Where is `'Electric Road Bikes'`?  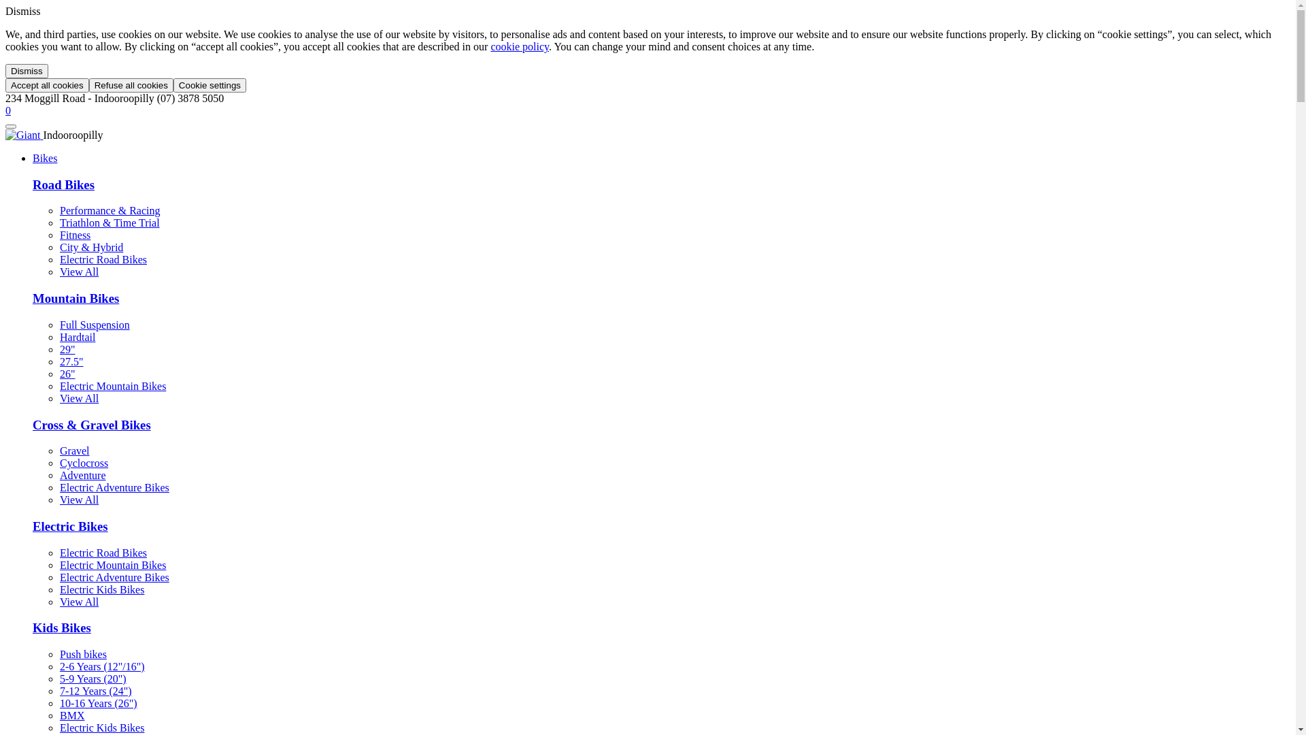
'Electric Road Bikes' is located at coordinates (103, 259).